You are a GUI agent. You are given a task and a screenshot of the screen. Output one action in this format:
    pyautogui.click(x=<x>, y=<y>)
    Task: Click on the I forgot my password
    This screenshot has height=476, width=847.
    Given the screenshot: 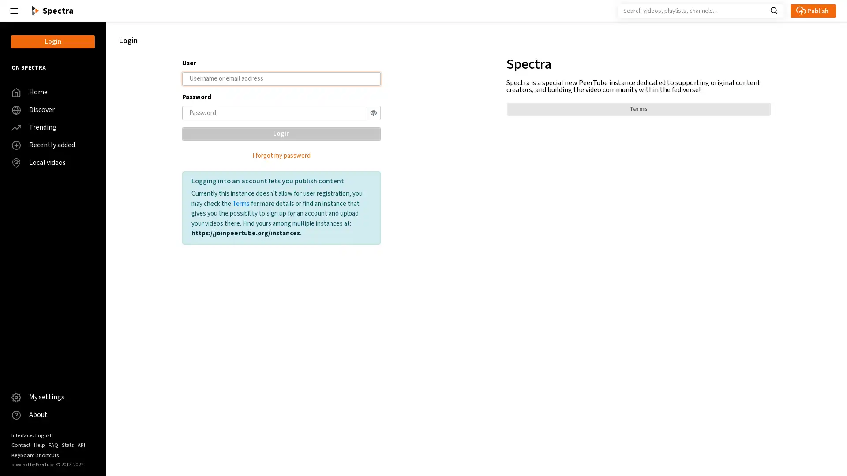 What is the action you would take?
    pyautogui.click(x=281, y=155)
    